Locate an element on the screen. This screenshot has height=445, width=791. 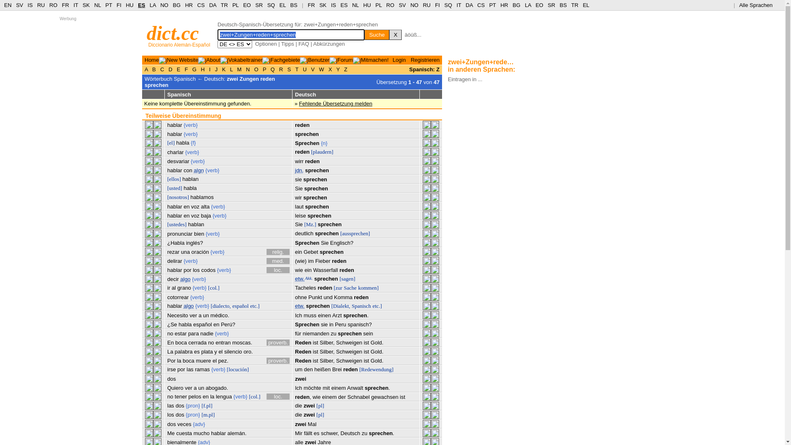
'las' is located at coordinates (190, 369).